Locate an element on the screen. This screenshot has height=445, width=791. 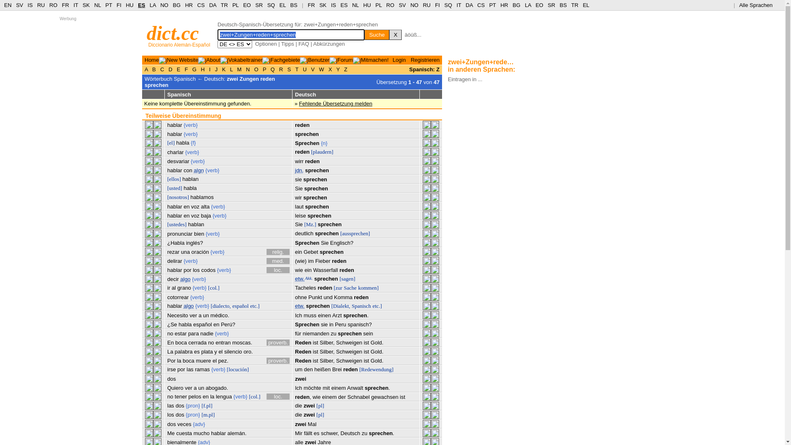
'las' is located at coordinates (190, 369).